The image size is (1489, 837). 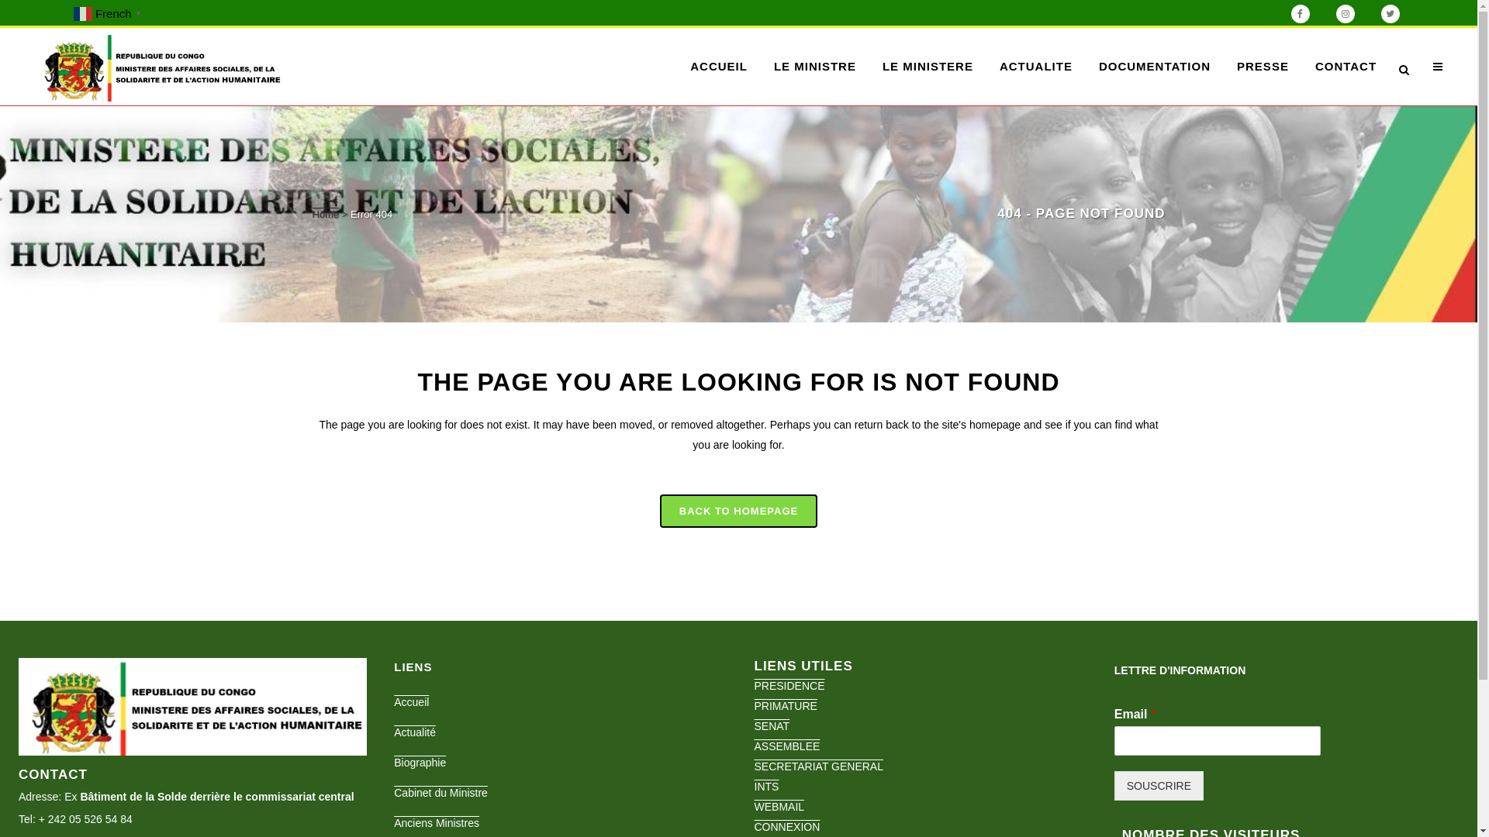 I want to click on 'INTS', so click(x=766, y=786).